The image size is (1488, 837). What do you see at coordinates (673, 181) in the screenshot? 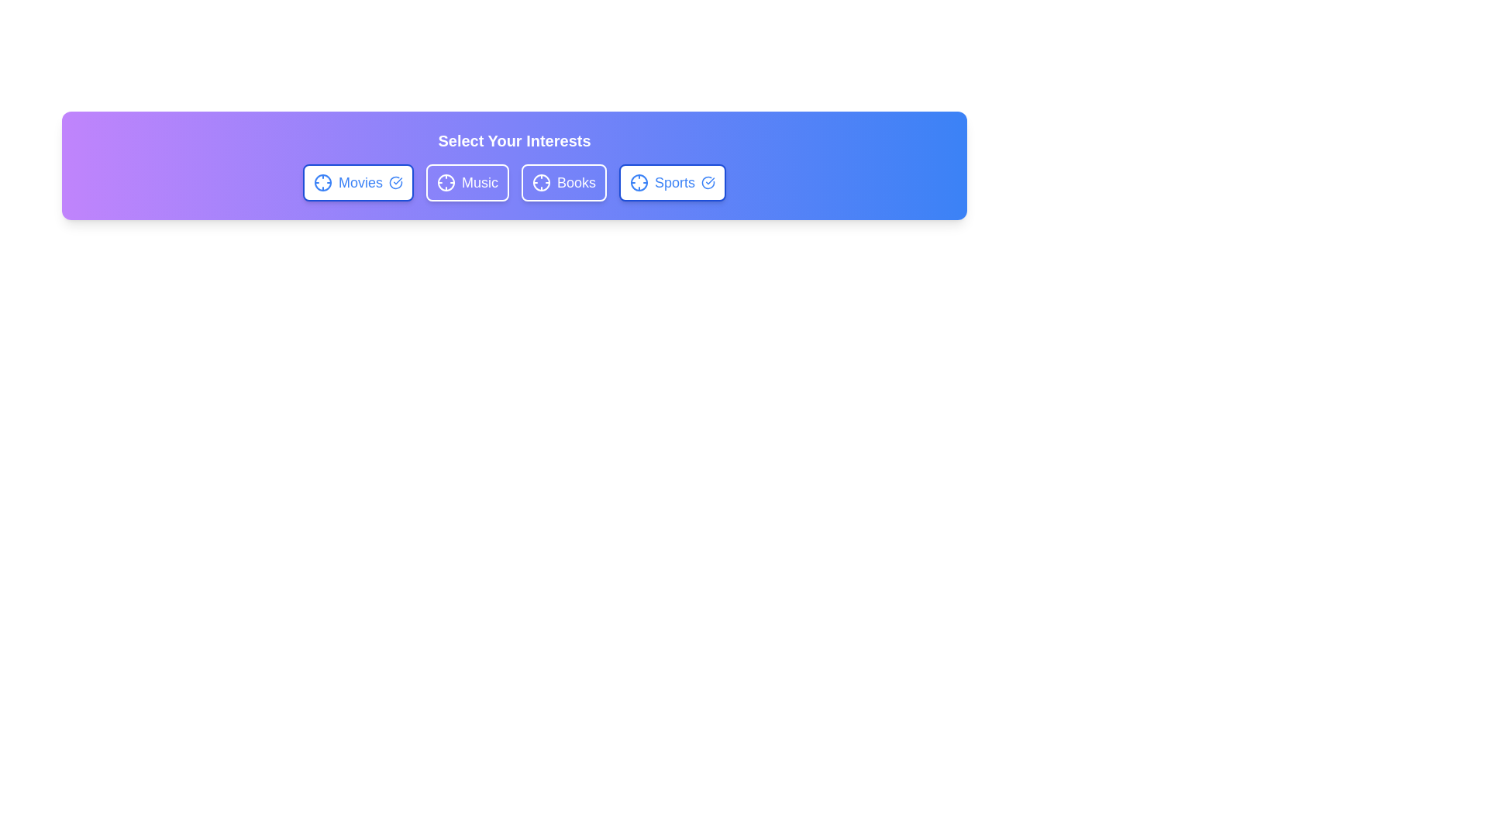
I see `the 'Sports' chip to toggle its state` at bounding box center [673, 181].